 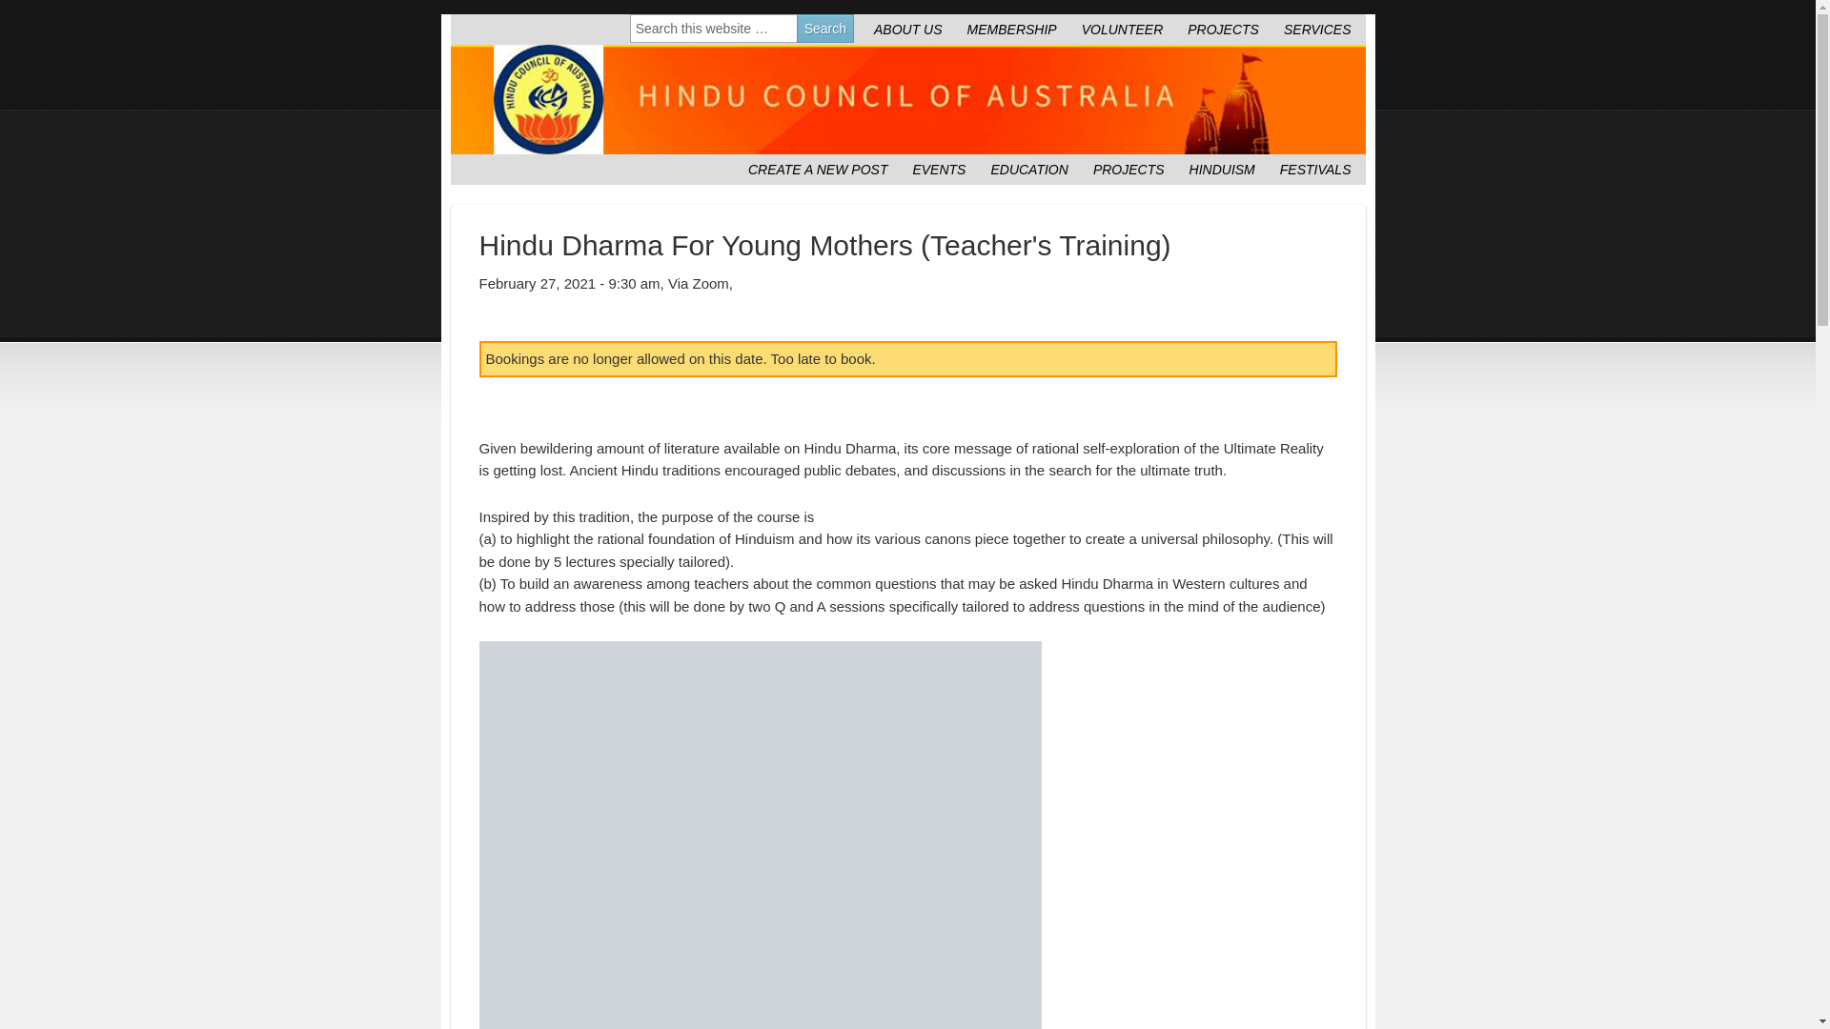 What do you see at coordinates (1222, 168) in the screenshot?
I see `'HINDUISM'` at bounding box center [1222, 168].